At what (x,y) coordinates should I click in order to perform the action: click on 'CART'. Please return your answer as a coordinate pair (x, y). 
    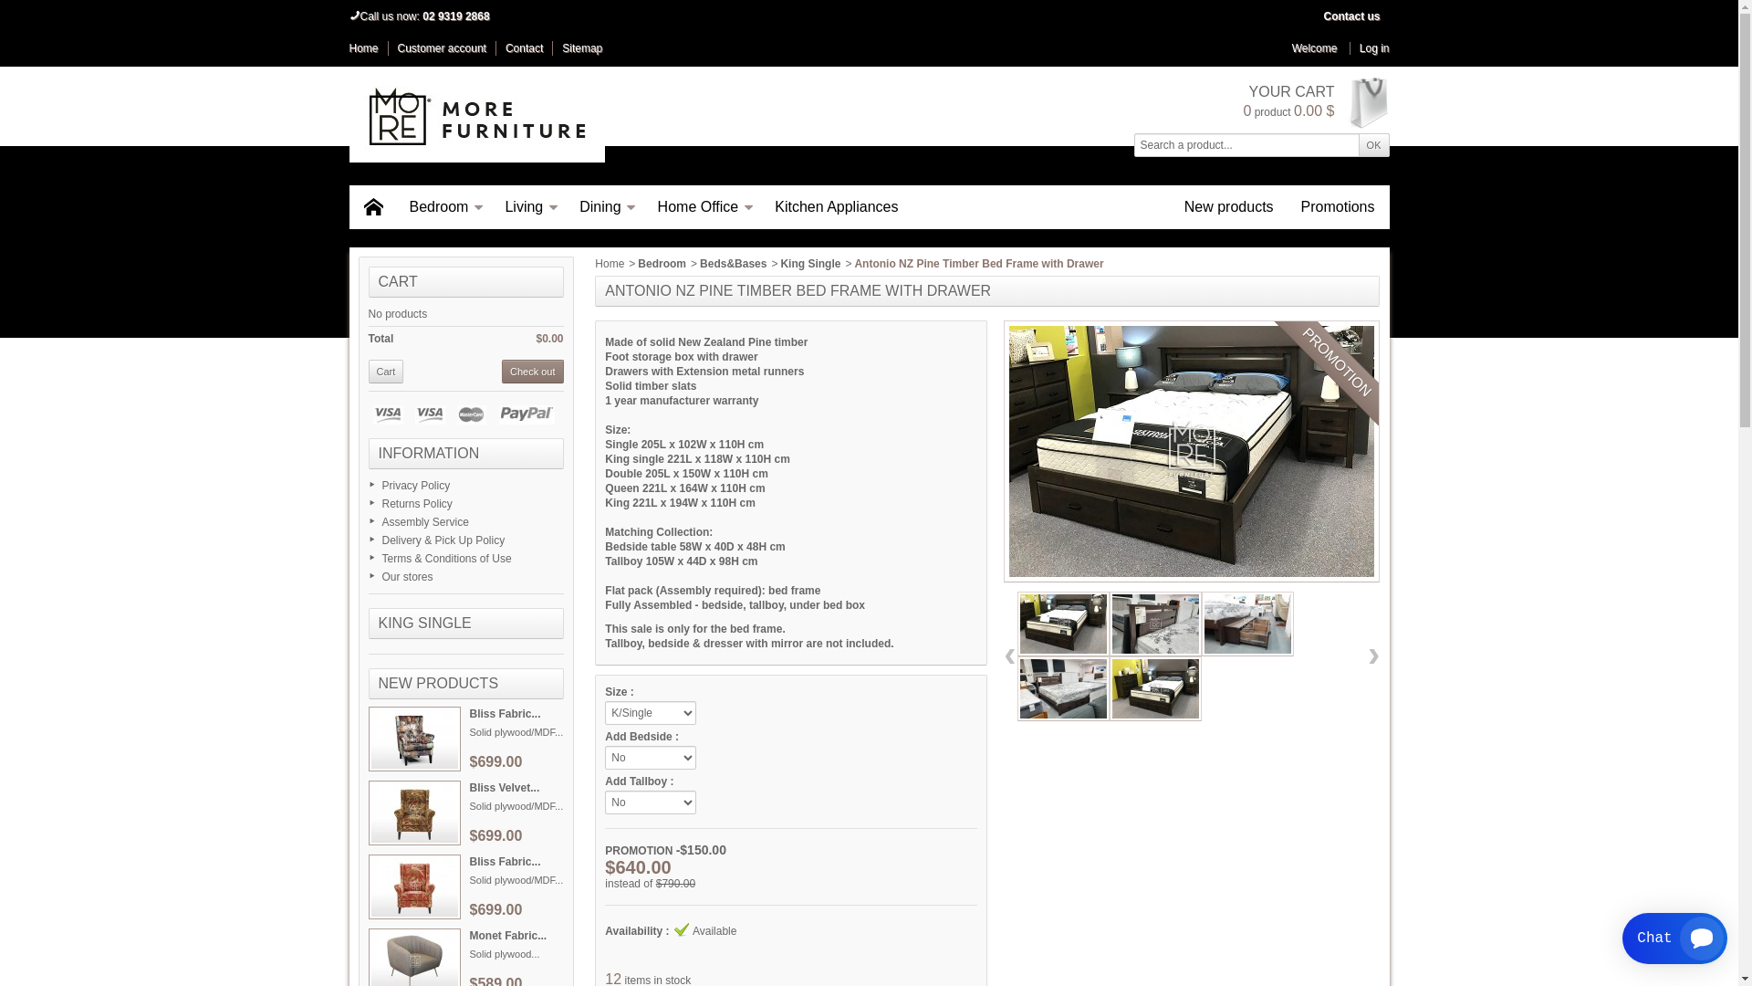
    Looking at the image, I should click on (396, 281).